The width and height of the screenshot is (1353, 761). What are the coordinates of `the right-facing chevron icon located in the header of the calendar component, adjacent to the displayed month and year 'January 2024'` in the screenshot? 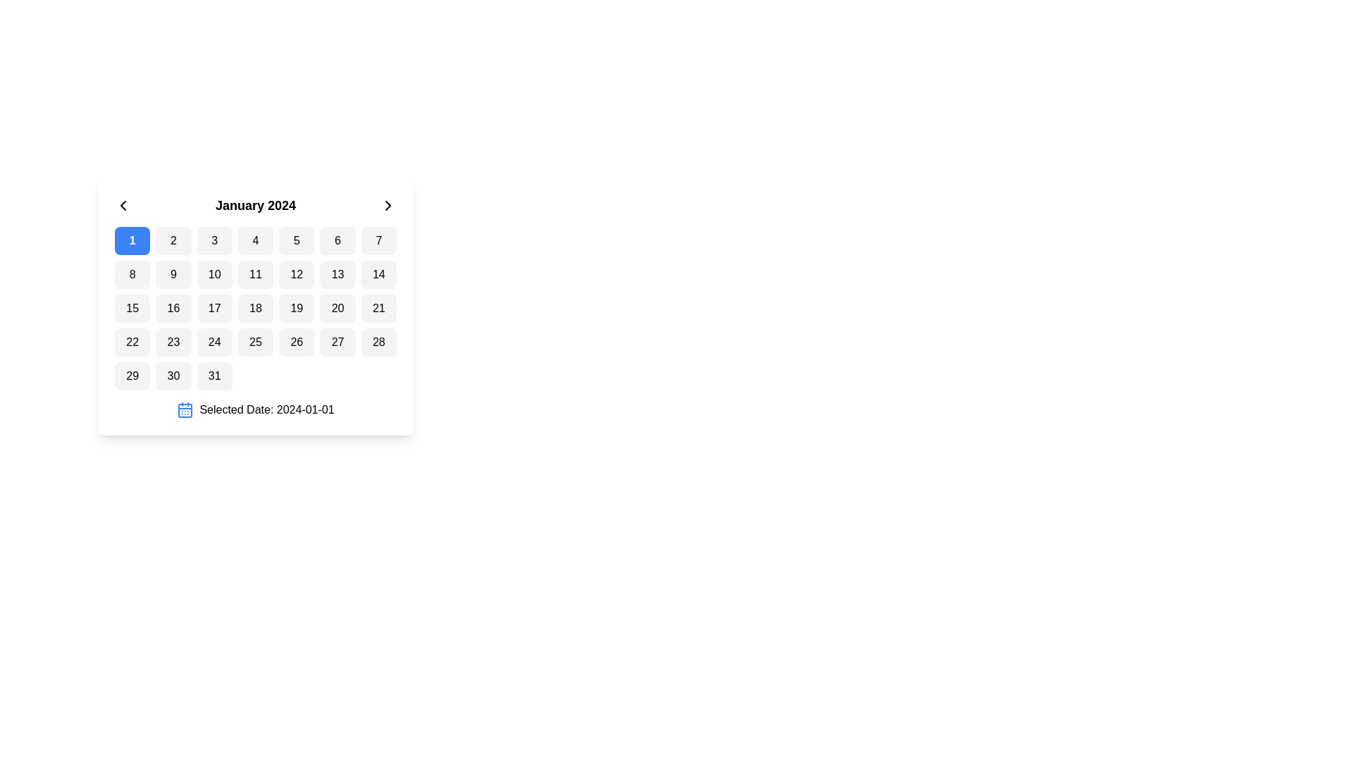 It's located at (388, 206).